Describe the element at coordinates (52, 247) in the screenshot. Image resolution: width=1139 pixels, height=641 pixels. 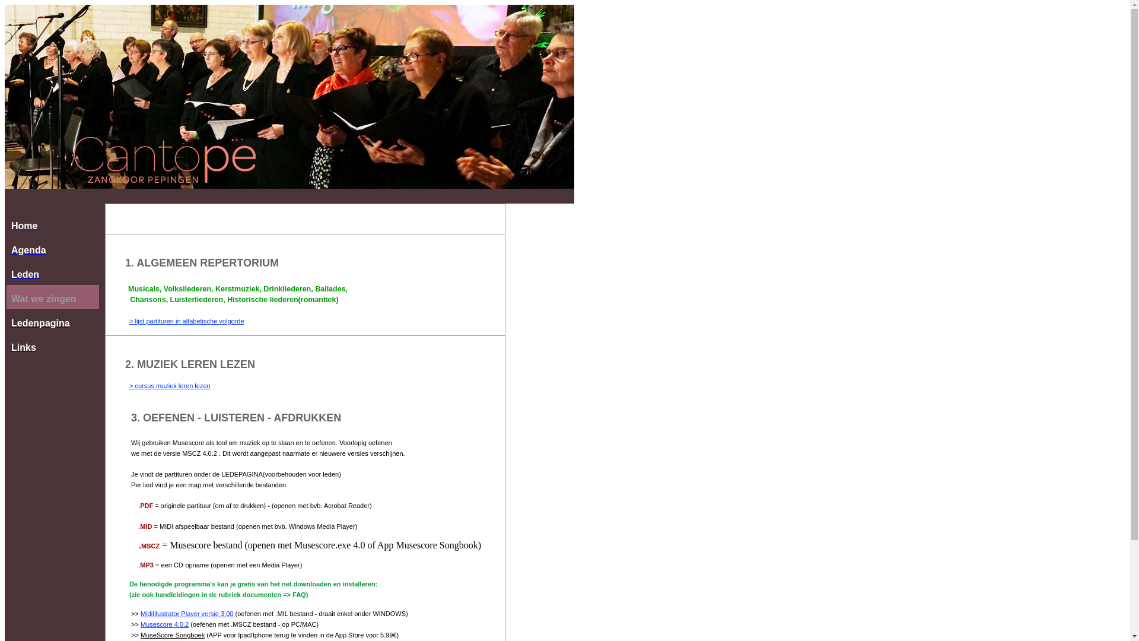
I see `'Agenda'` at that location.